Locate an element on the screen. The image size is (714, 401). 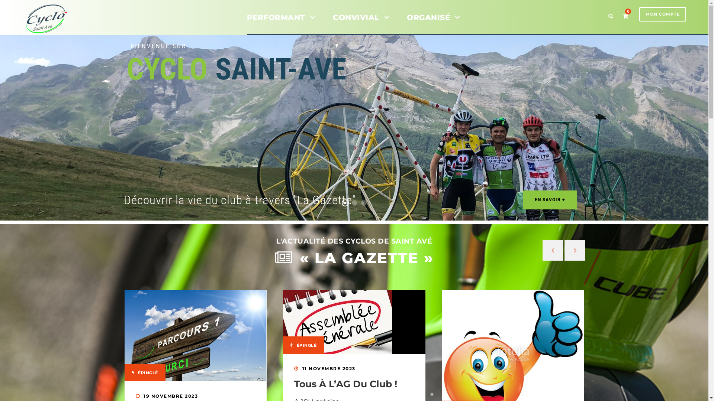
'CONVIVIAL' is located at coordinates (361, 22).